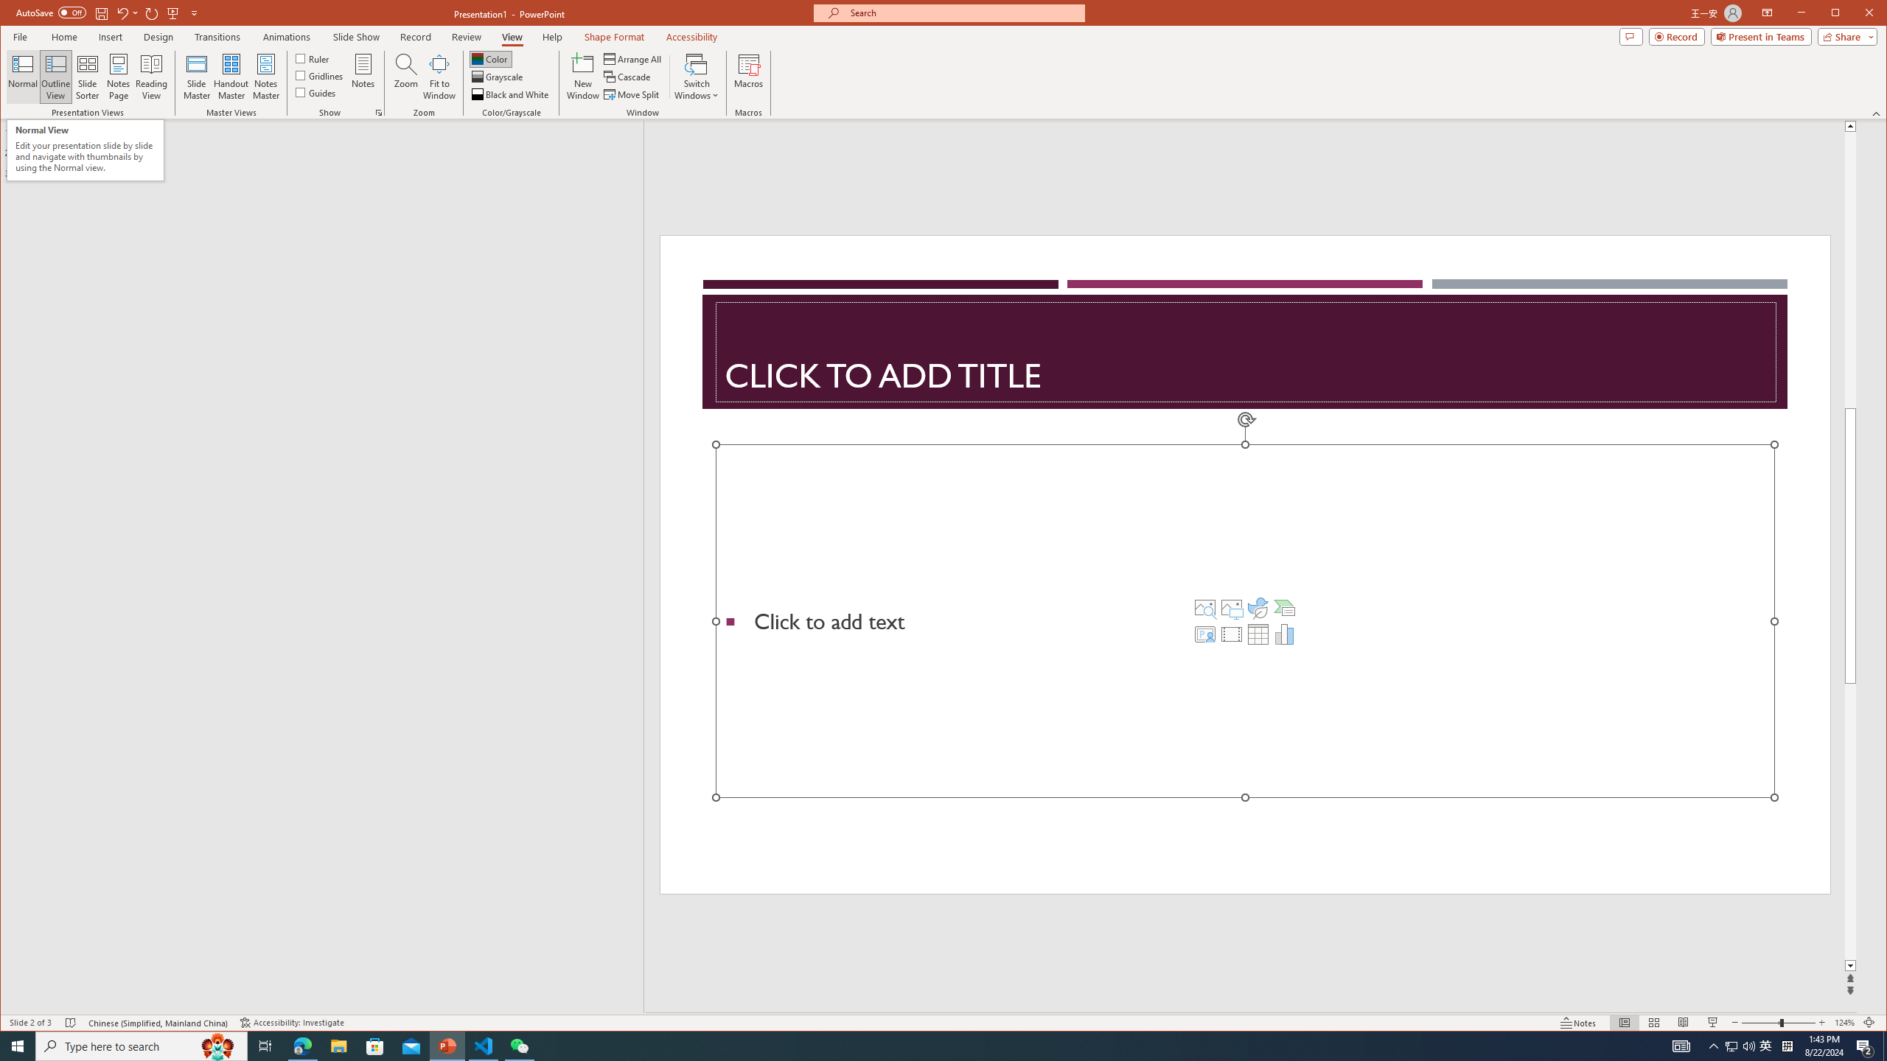  I want to click on 'Notes Page', so click(118, 76).